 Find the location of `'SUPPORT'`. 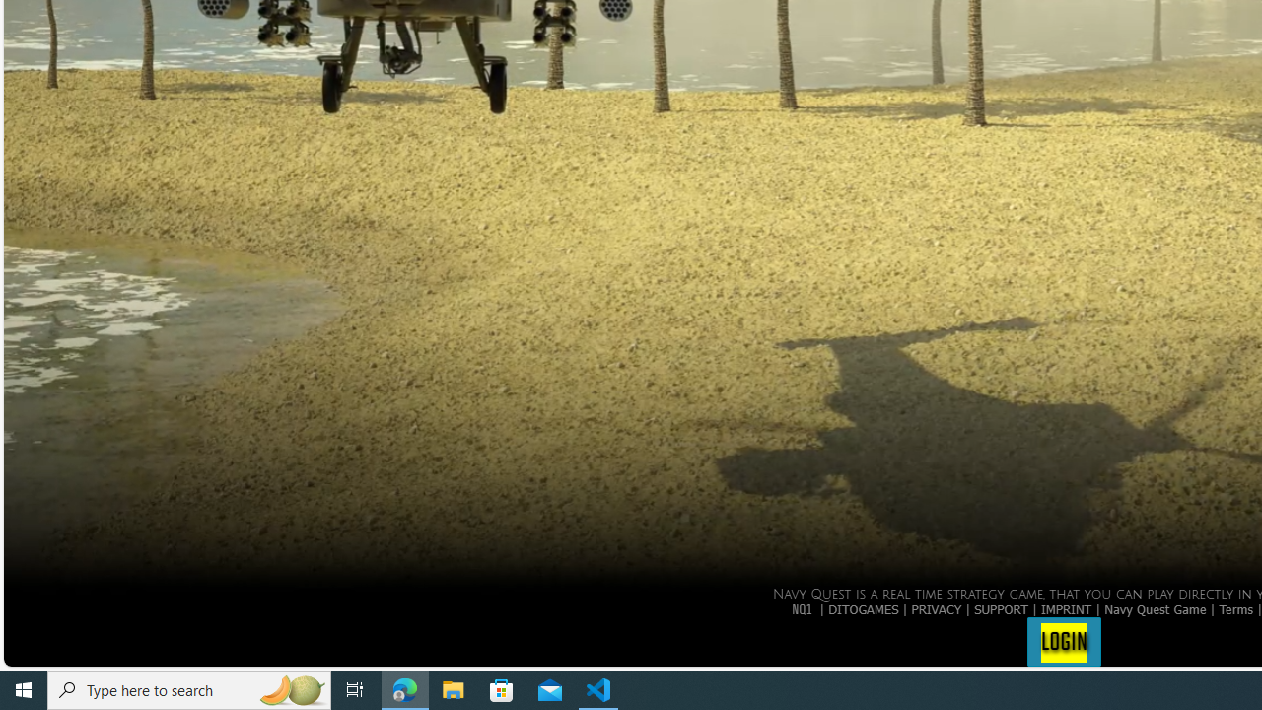

'SUPPORT' is located at coordinates (1001, 607).